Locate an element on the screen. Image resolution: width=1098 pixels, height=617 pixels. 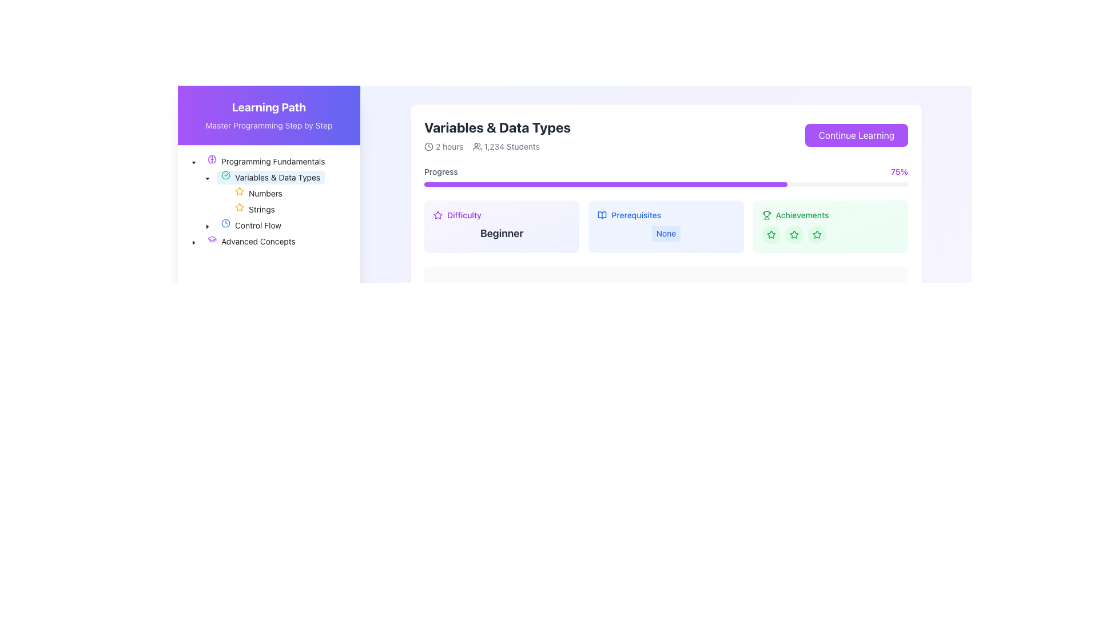
the downward-pointing caret icon next to 'Advanced Concepts' is located at coordinates (194, 242).